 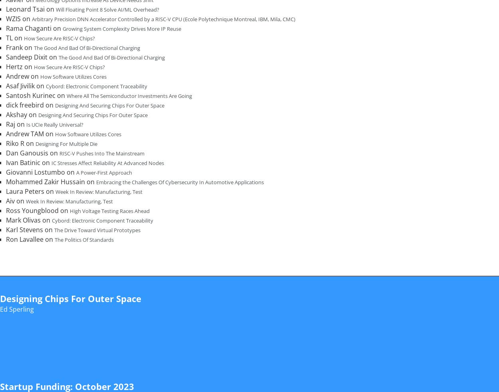 I want to click on 'Dan Ganousis', so click(x=27, y=152).